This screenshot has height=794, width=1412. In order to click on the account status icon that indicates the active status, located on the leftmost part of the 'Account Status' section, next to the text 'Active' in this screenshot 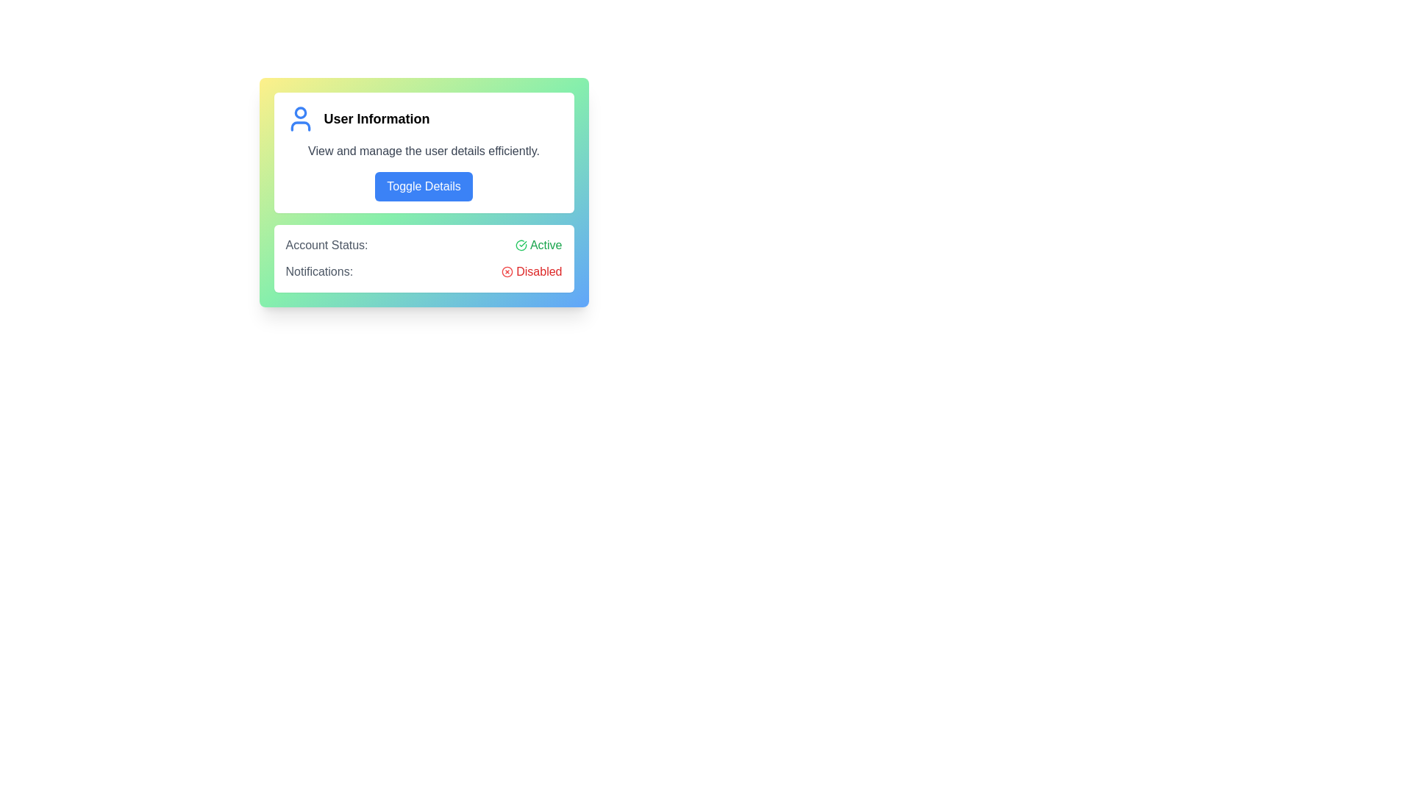, I will do `click(521, 245)`.